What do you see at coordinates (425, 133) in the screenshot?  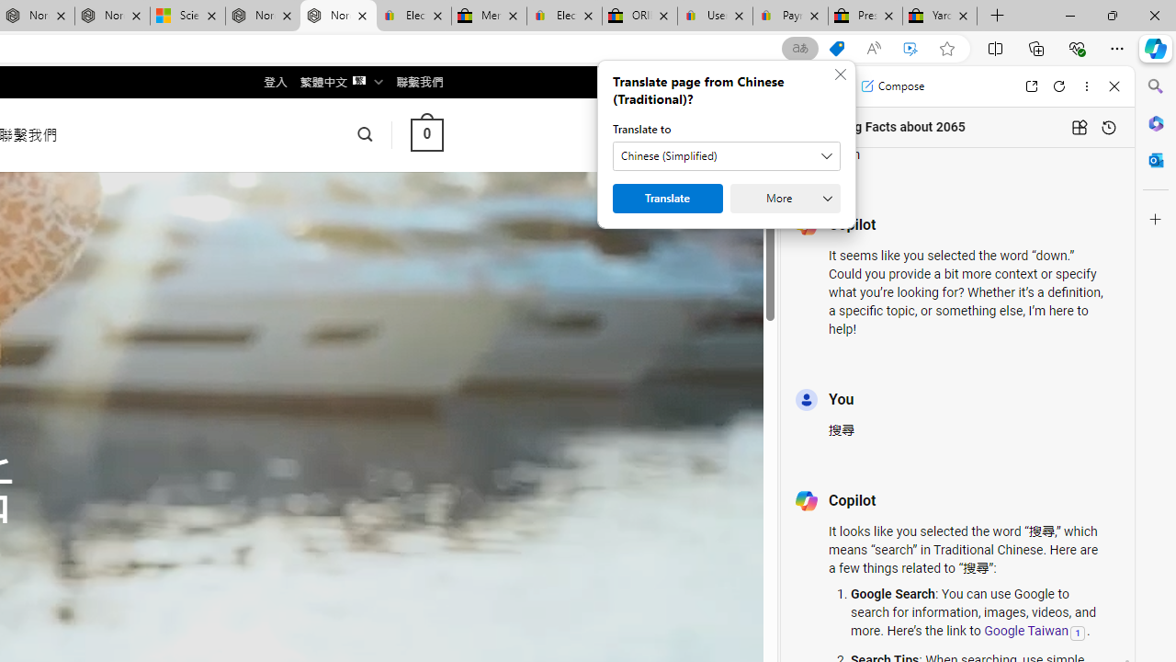 I see `'  0  '` at bounding box center [425, 133].